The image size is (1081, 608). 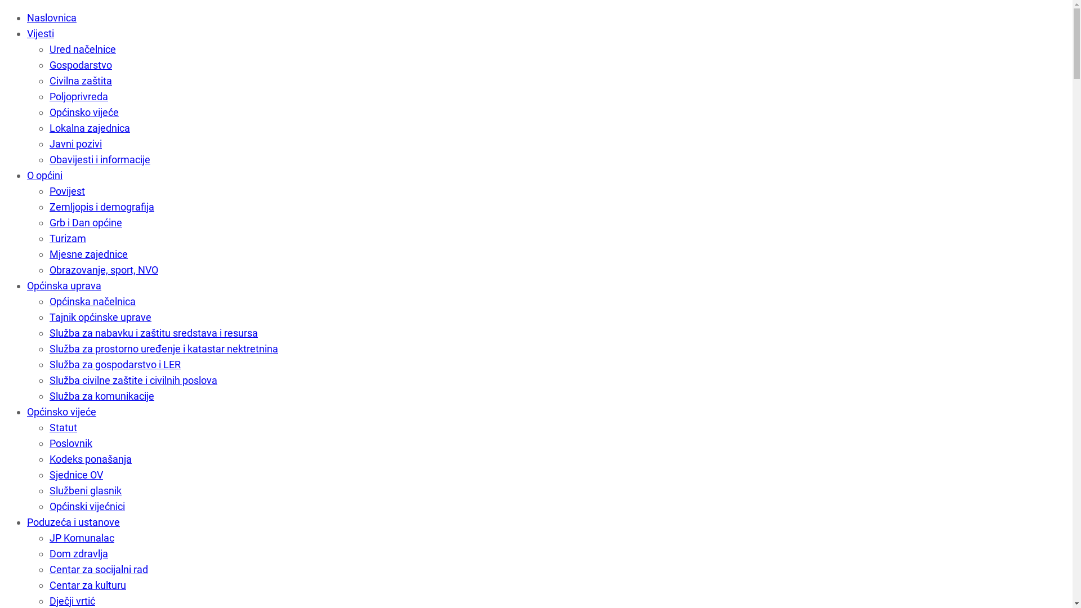 What do you see at coordinates (27, 33) in the screenshot?
I see `'Vijesti'` at bounding box center [27, 33].